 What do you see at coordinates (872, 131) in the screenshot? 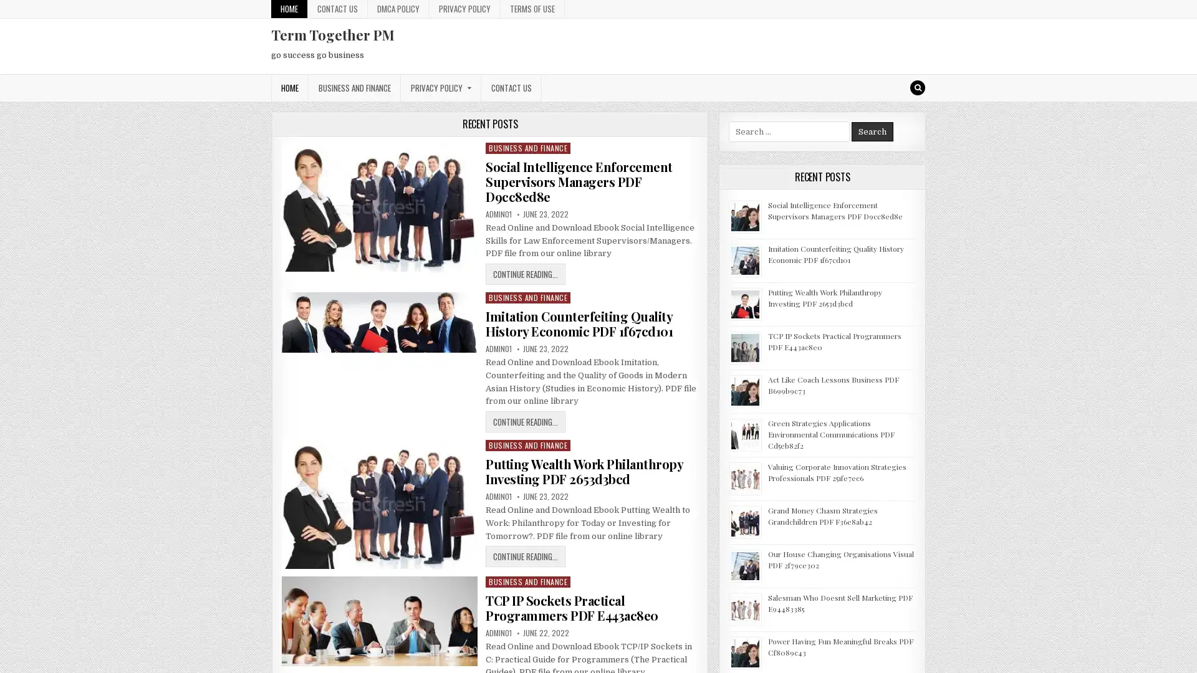
I see `Search` at bounding box center [872, 131].